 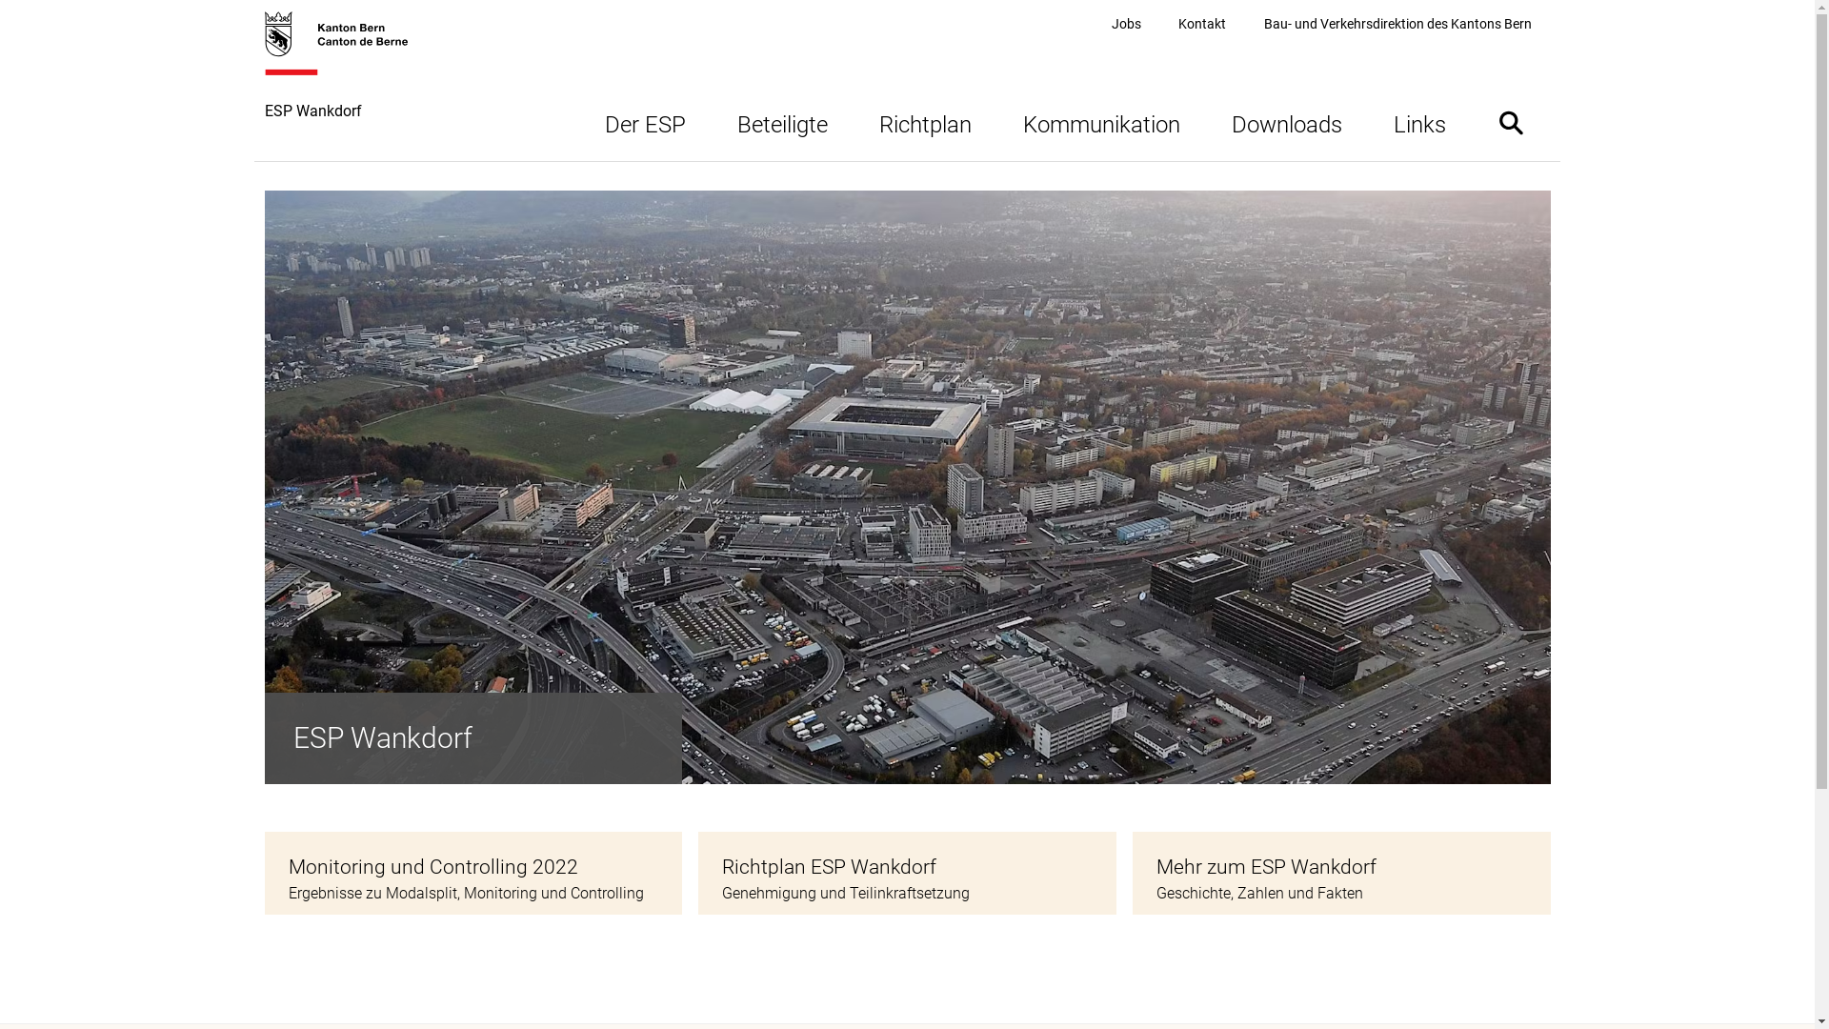 I want to click on 'Bau- und Verkehrsdirektion des Kantons Bern', so click(x=1263, y=24).